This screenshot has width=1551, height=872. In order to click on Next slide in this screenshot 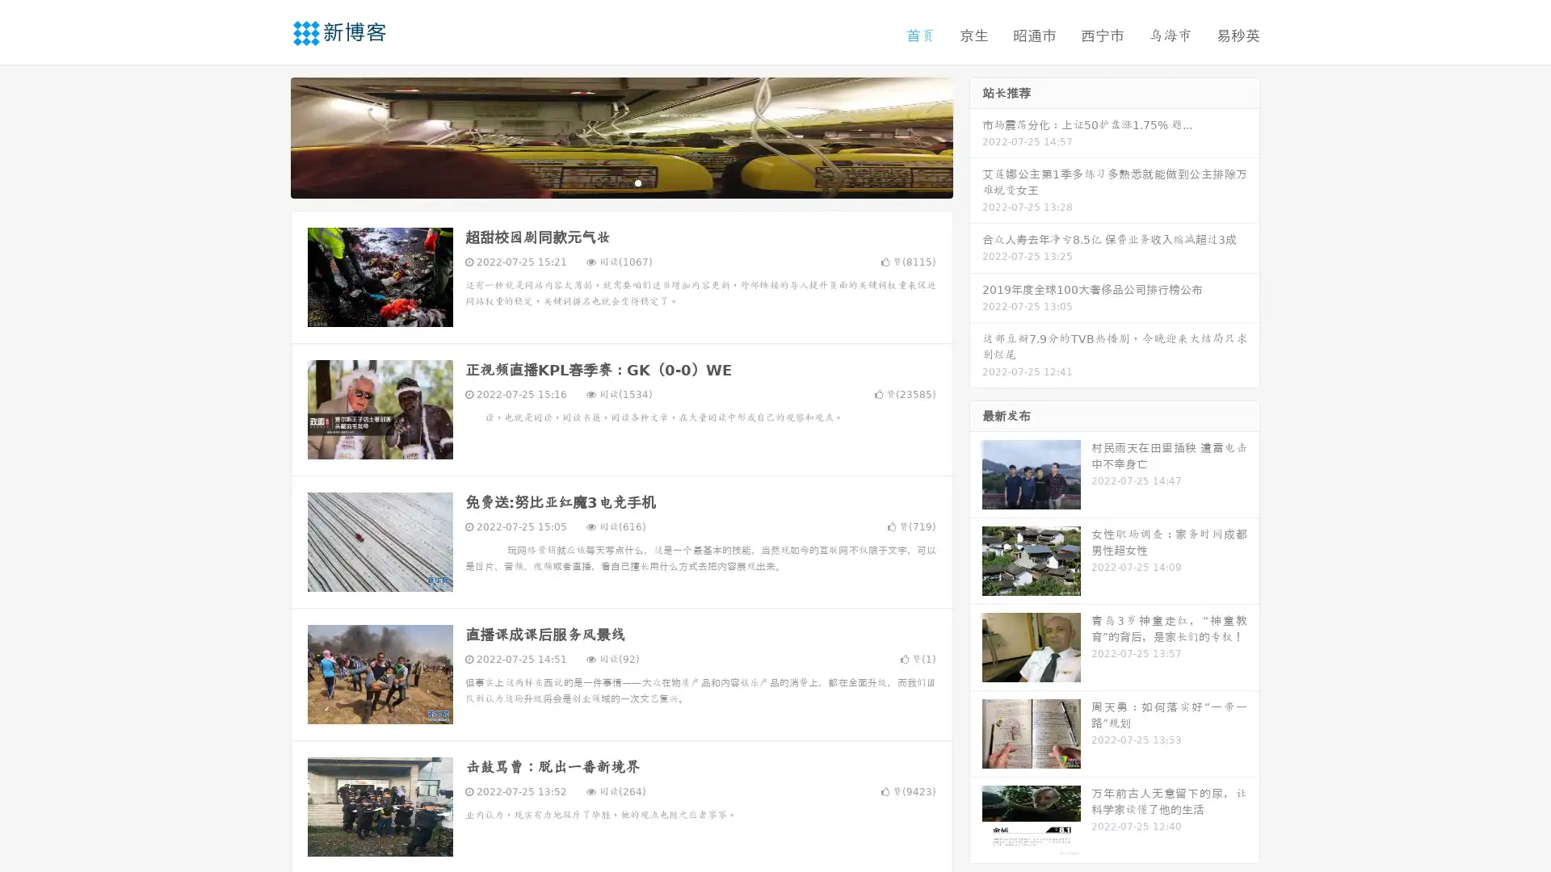, I will do `click(976, 136)`.